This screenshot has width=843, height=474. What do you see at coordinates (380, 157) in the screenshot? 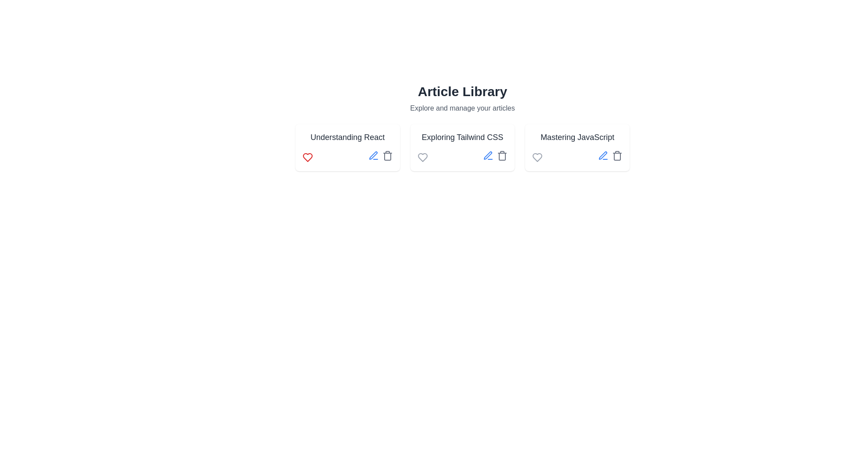
I see `the edit icon in the Tool cluster located on the right-hand side of the first article card titled 'Understanding React' to initiate article editing` at bounding box center [380, 157].